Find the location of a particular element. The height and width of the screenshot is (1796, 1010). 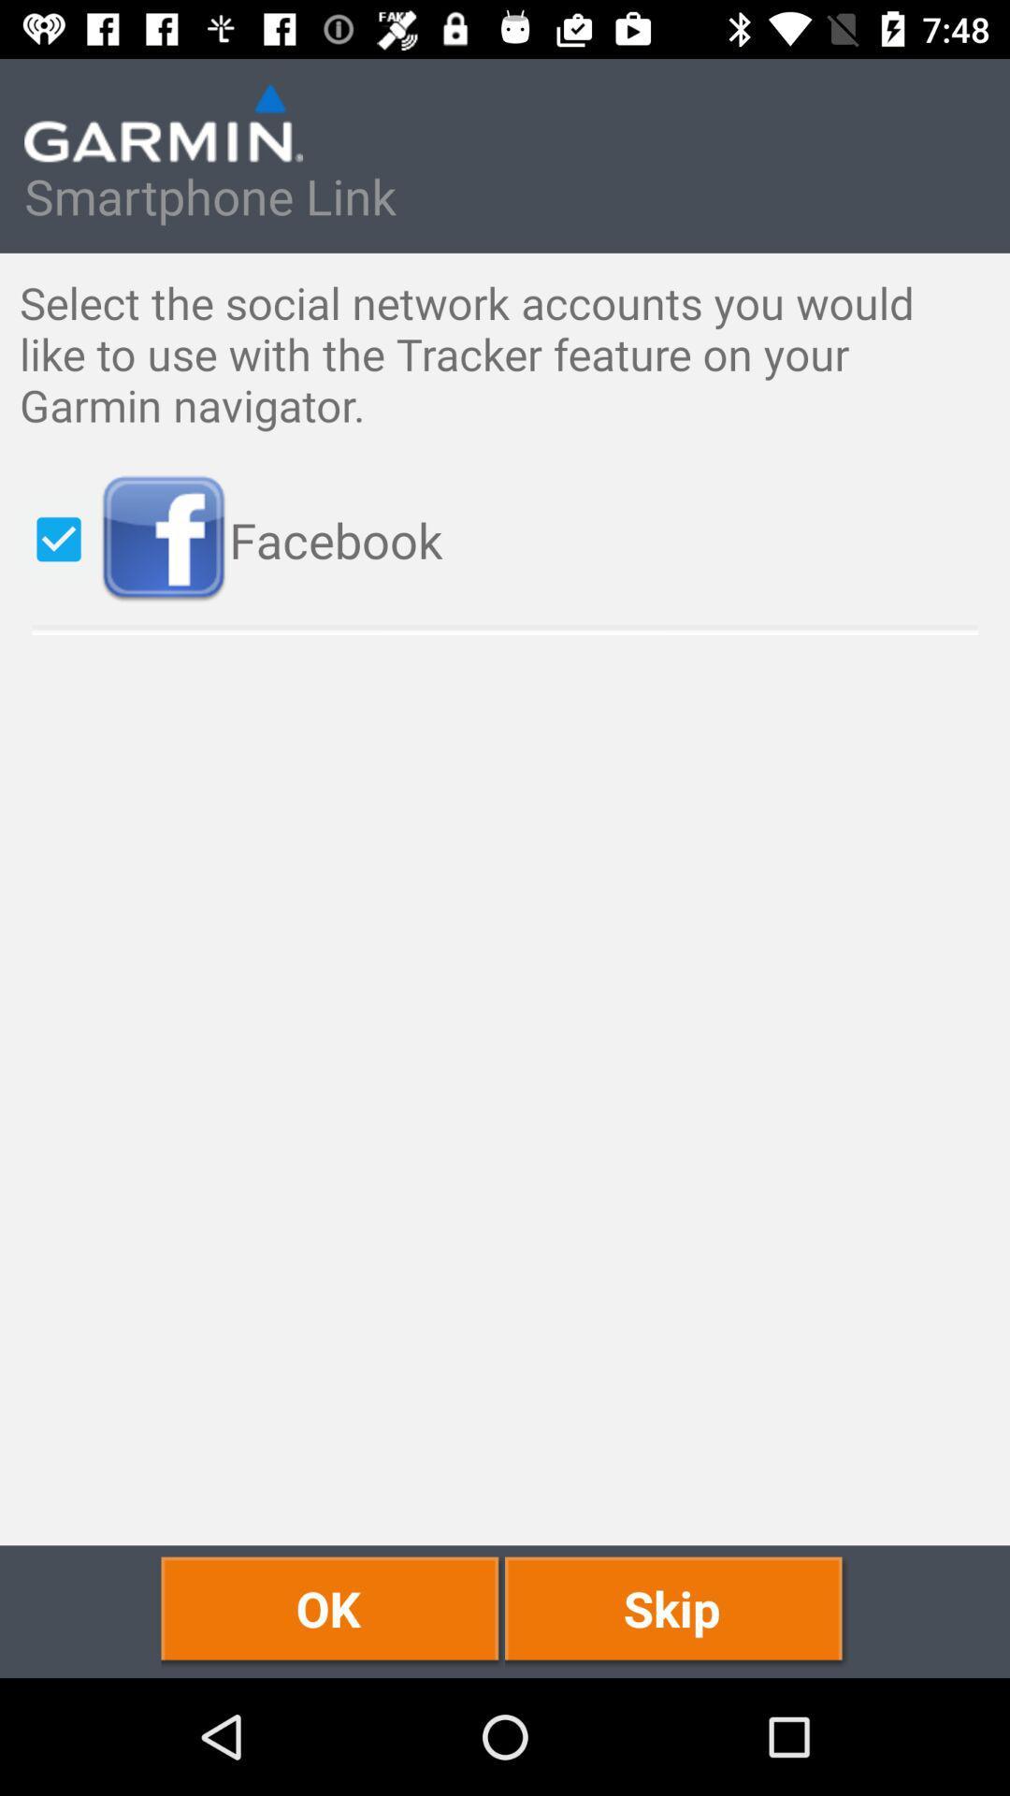

the item at the bottom left corner is located at coordinates (332, 1611).